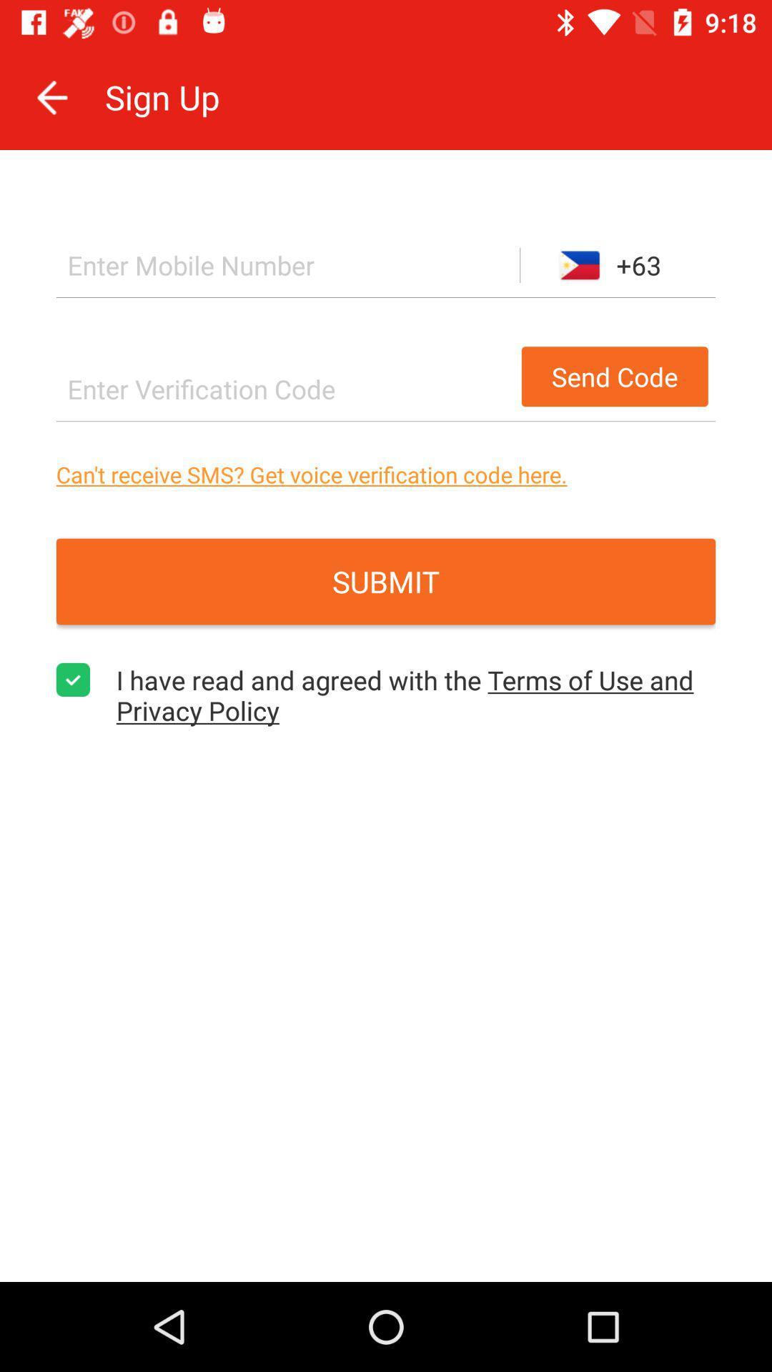 This screenshot has width=772, height=1372. Describe the element at coordinates (386, 474) in the screenshot. I see `can t receive icon` at that location.